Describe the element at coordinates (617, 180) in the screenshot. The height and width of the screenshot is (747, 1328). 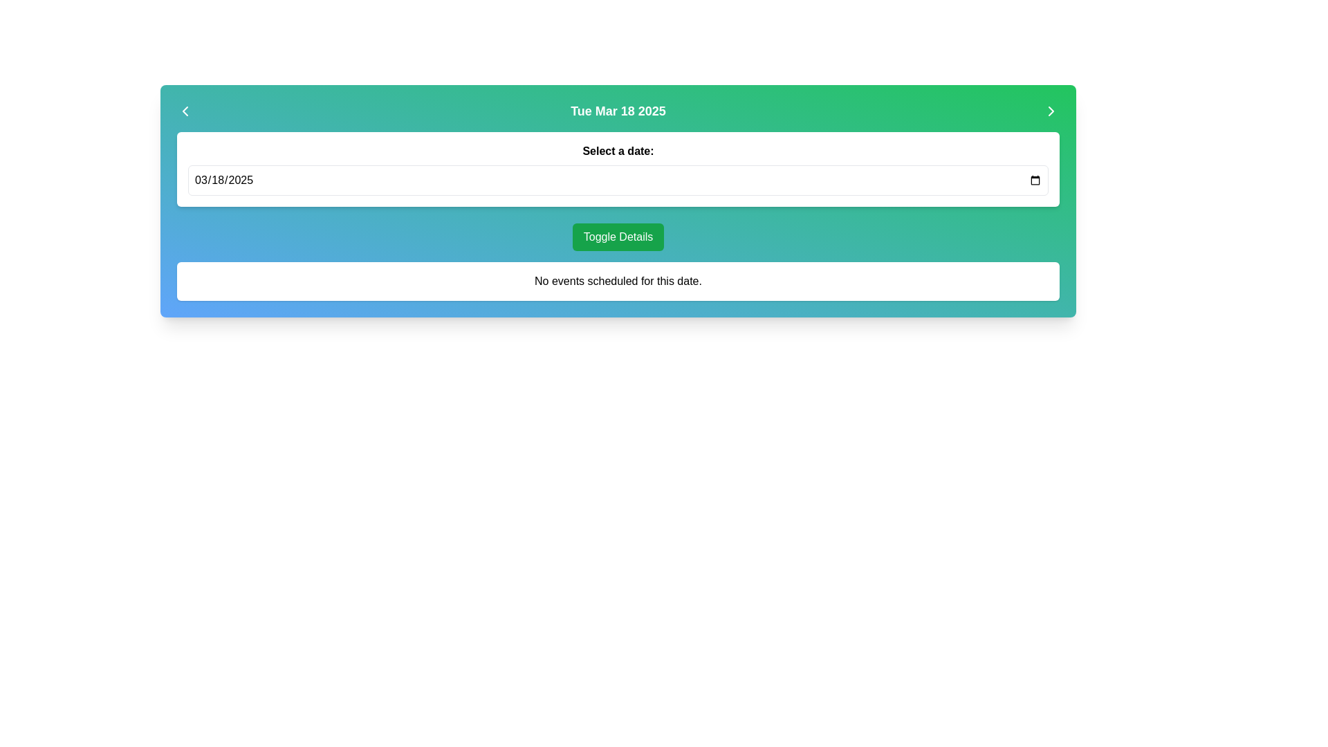
I see `into the rectangular date input field styled with a border and rounded corners` at that location.